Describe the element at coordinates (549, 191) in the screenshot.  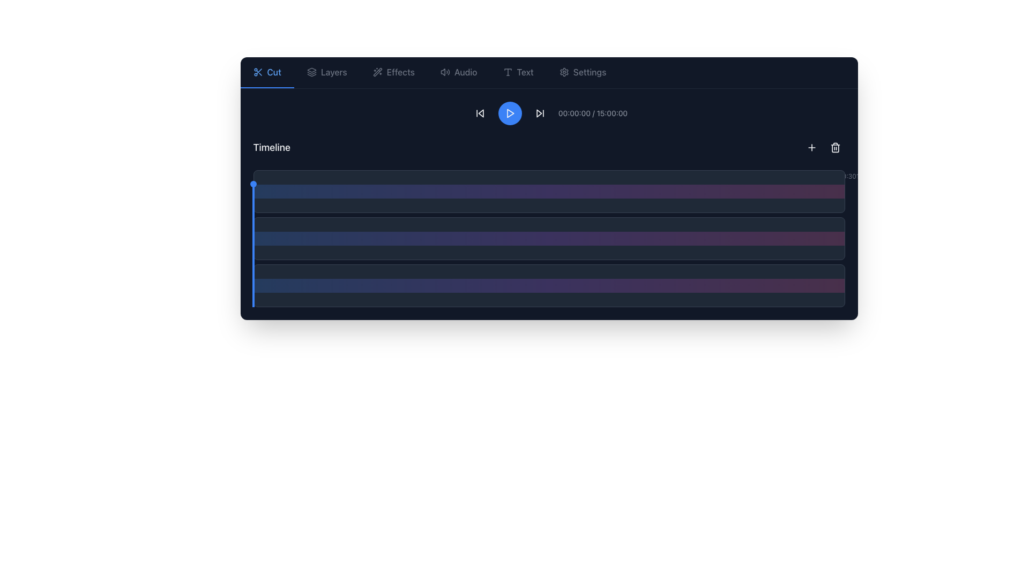
I see `the decorative or stylistic component that serves as a visual separator in the timeline interface, located horizontally centered at the top of the interface` at that location.